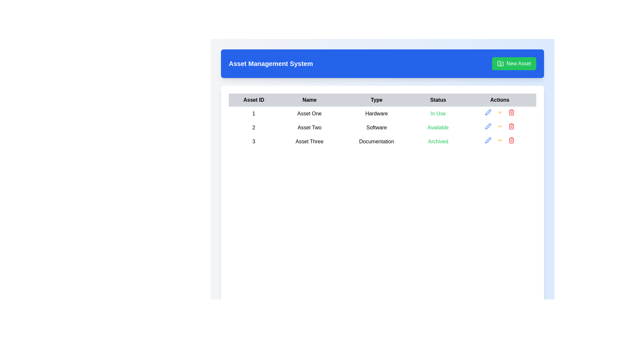  What do you see at coordinates (488, 112) in the screenshot?
I see `the edit button located in the second row under the 'Actions' column of the tabular interface, adjacent to the status 'Available', to initiate the edit action` at bounding box center [488, 112].